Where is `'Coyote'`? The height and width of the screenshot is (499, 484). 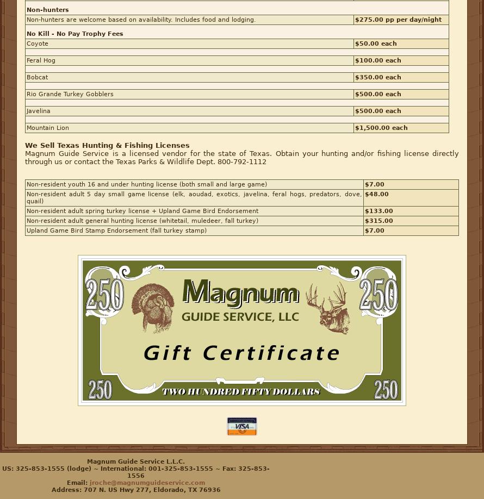
'Coyote' is located at coordinates (37, 43).